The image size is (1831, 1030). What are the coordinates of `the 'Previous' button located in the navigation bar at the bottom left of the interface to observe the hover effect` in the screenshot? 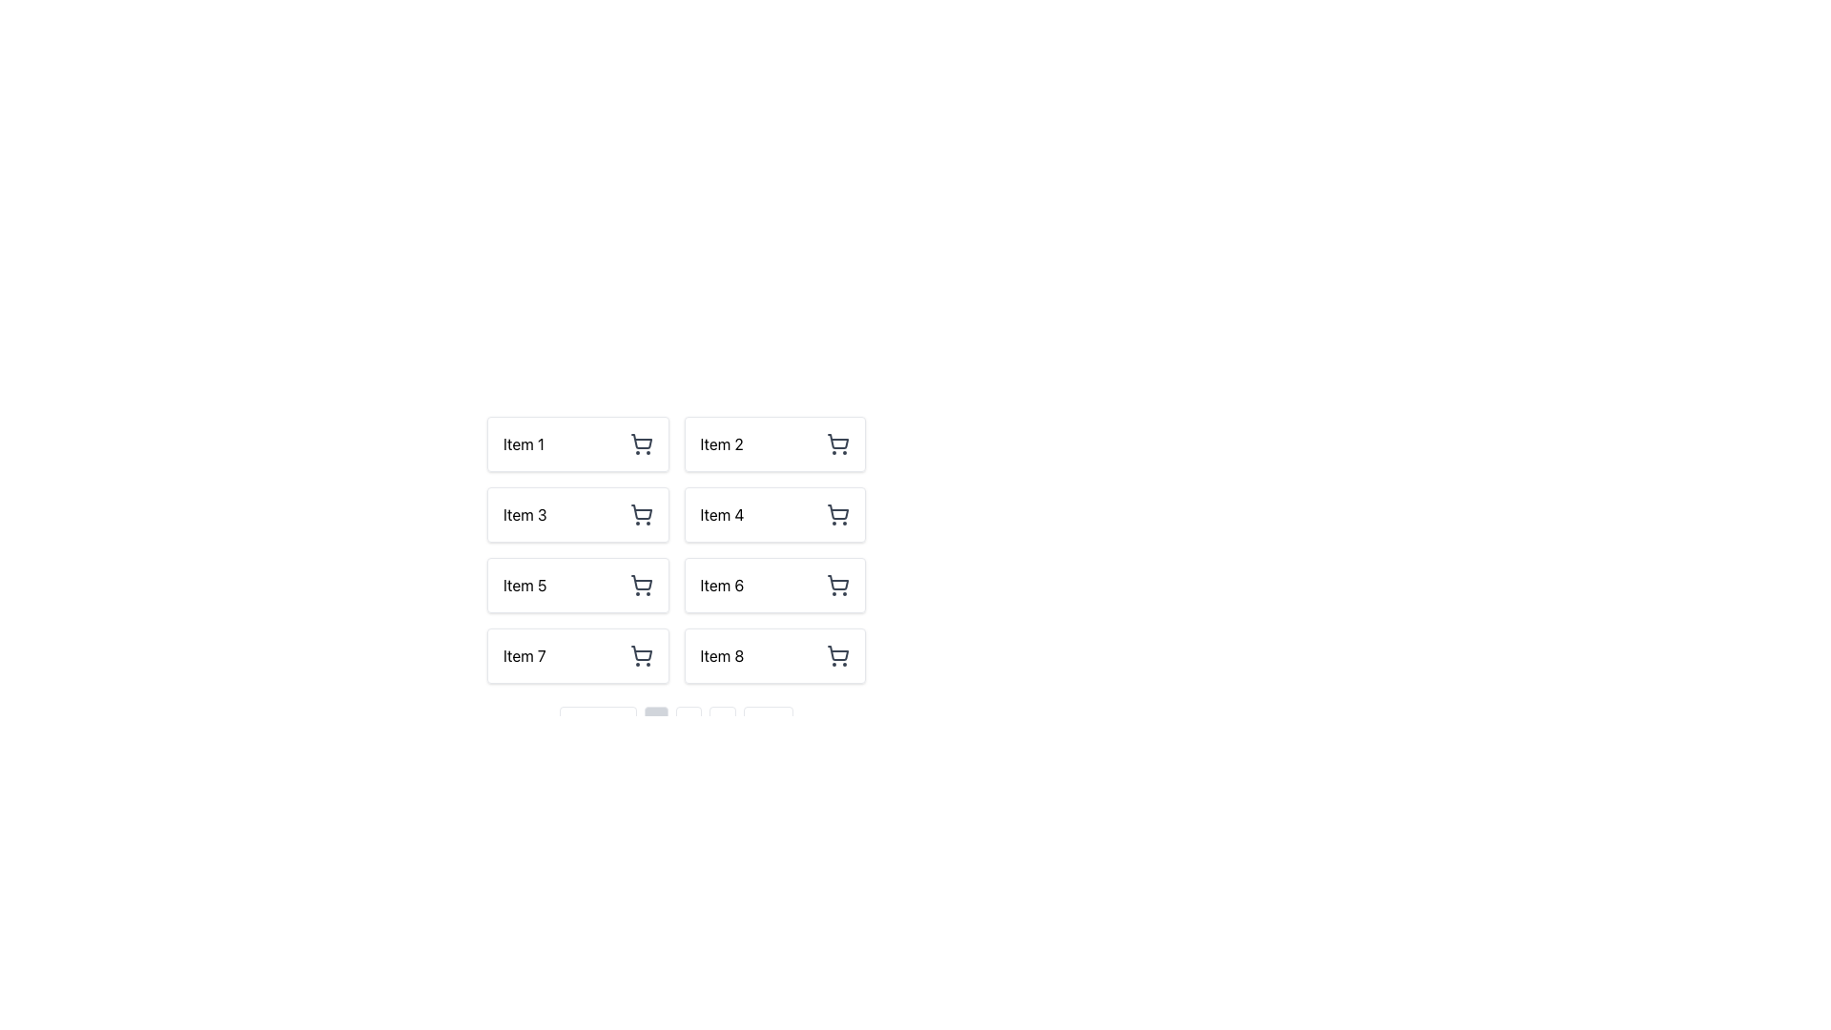 It's located at (597, 727).